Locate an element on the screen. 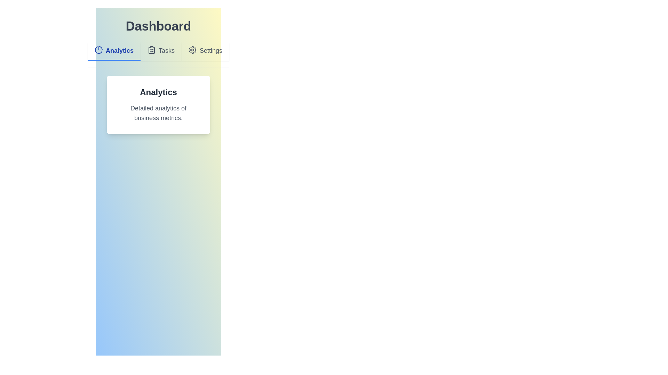 The width and height of the screenshot is (668, 375). the Settings tab to observe its hover effect is located at coordinates (205, 51).